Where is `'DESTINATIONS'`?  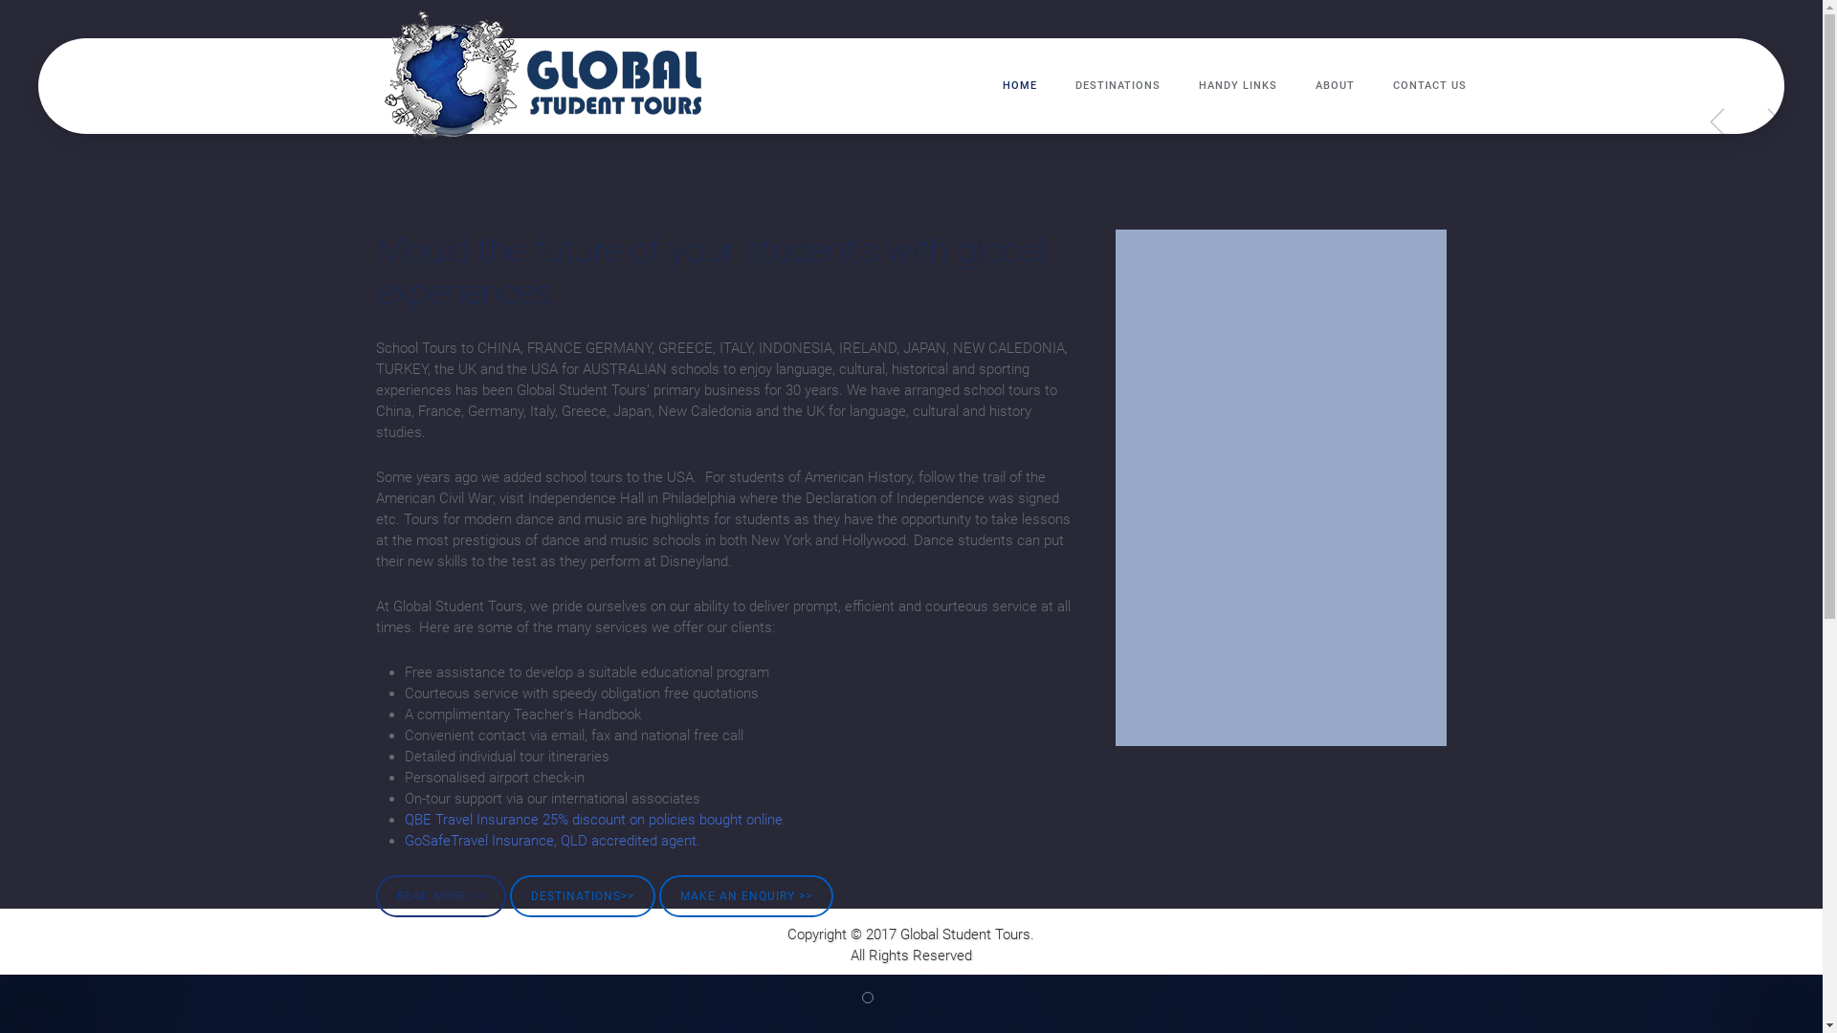
'DESTINATIONS' is located at coordinates (1055, 84).